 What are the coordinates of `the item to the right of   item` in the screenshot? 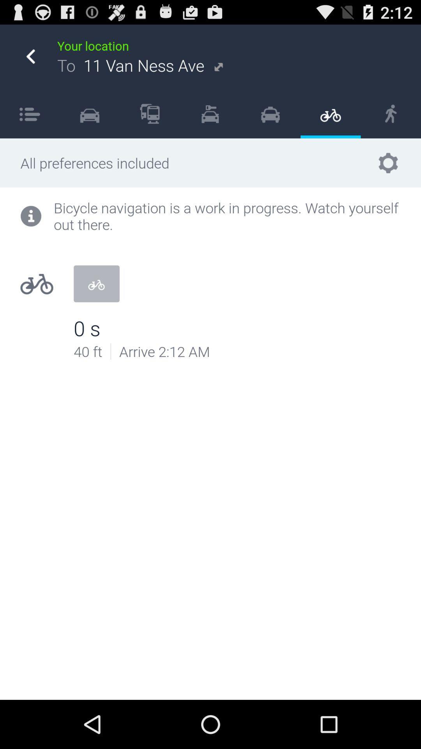 It's located at (89, 113).